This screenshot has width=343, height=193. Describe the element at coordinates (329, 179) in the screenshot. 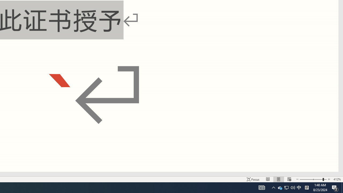

I see `'Zoom In'` at that location.